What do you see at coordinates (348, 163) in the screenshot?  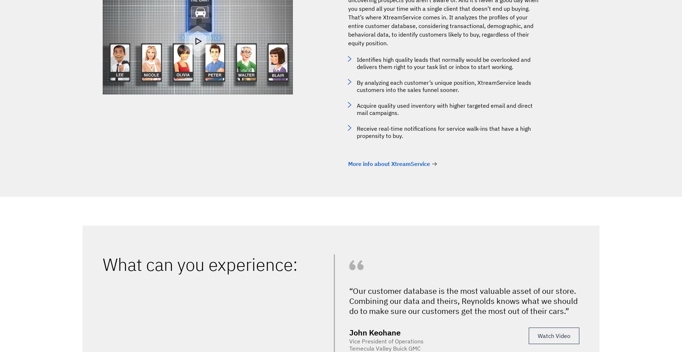 I see `'More info about XtreamService'` at bounding box center [348, 163].